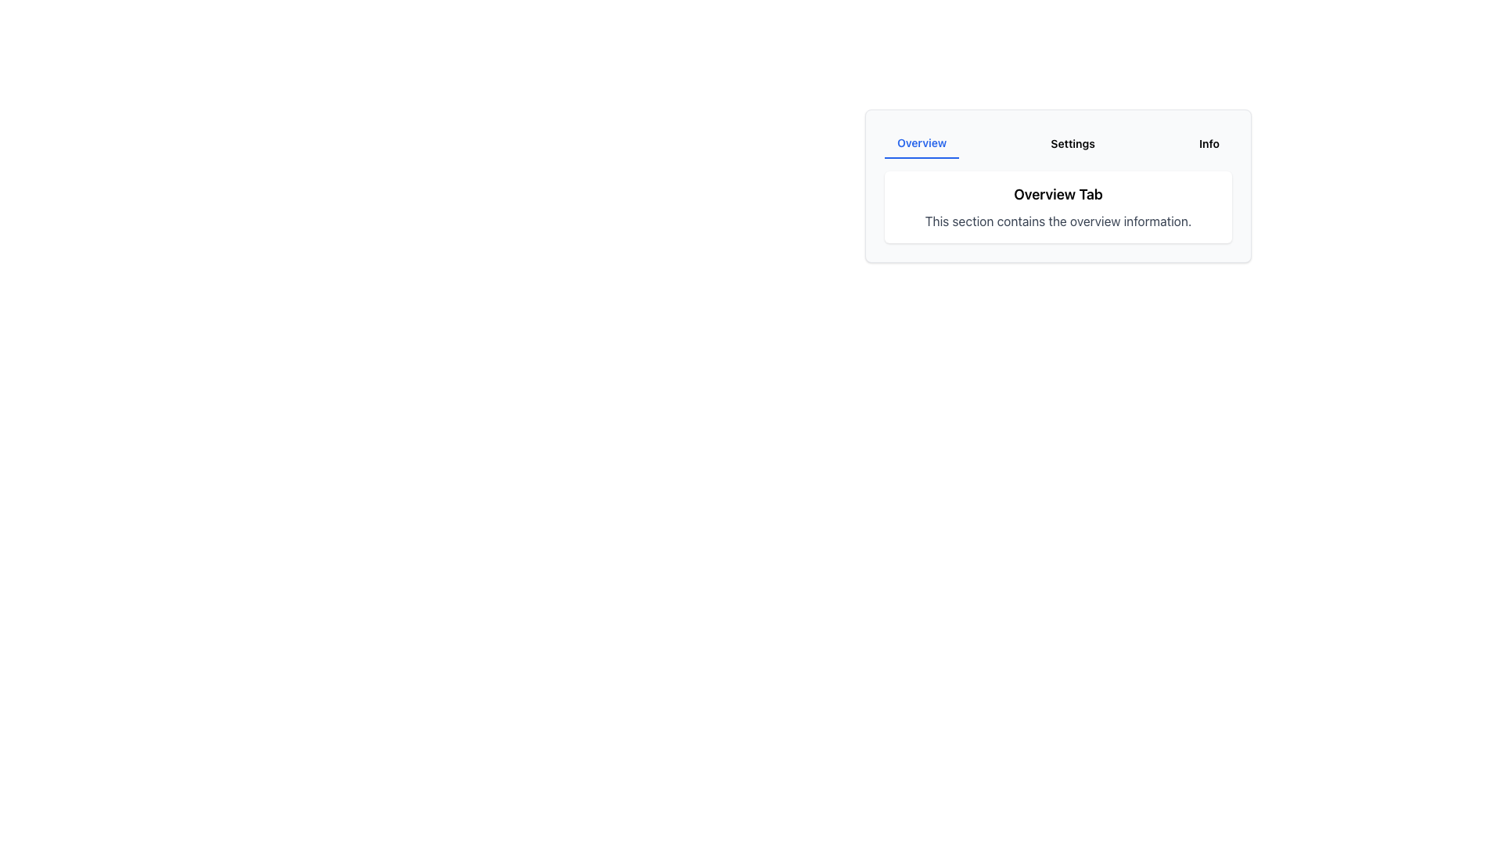 The height and width of the screenshot is (845, 1502). Describe the element at coordinates (1058, 144) in the screenshot. I see `the 'Settings' tab on the navigation bar located at the top edge of the card above the 'Overview Tab' title` at that location.